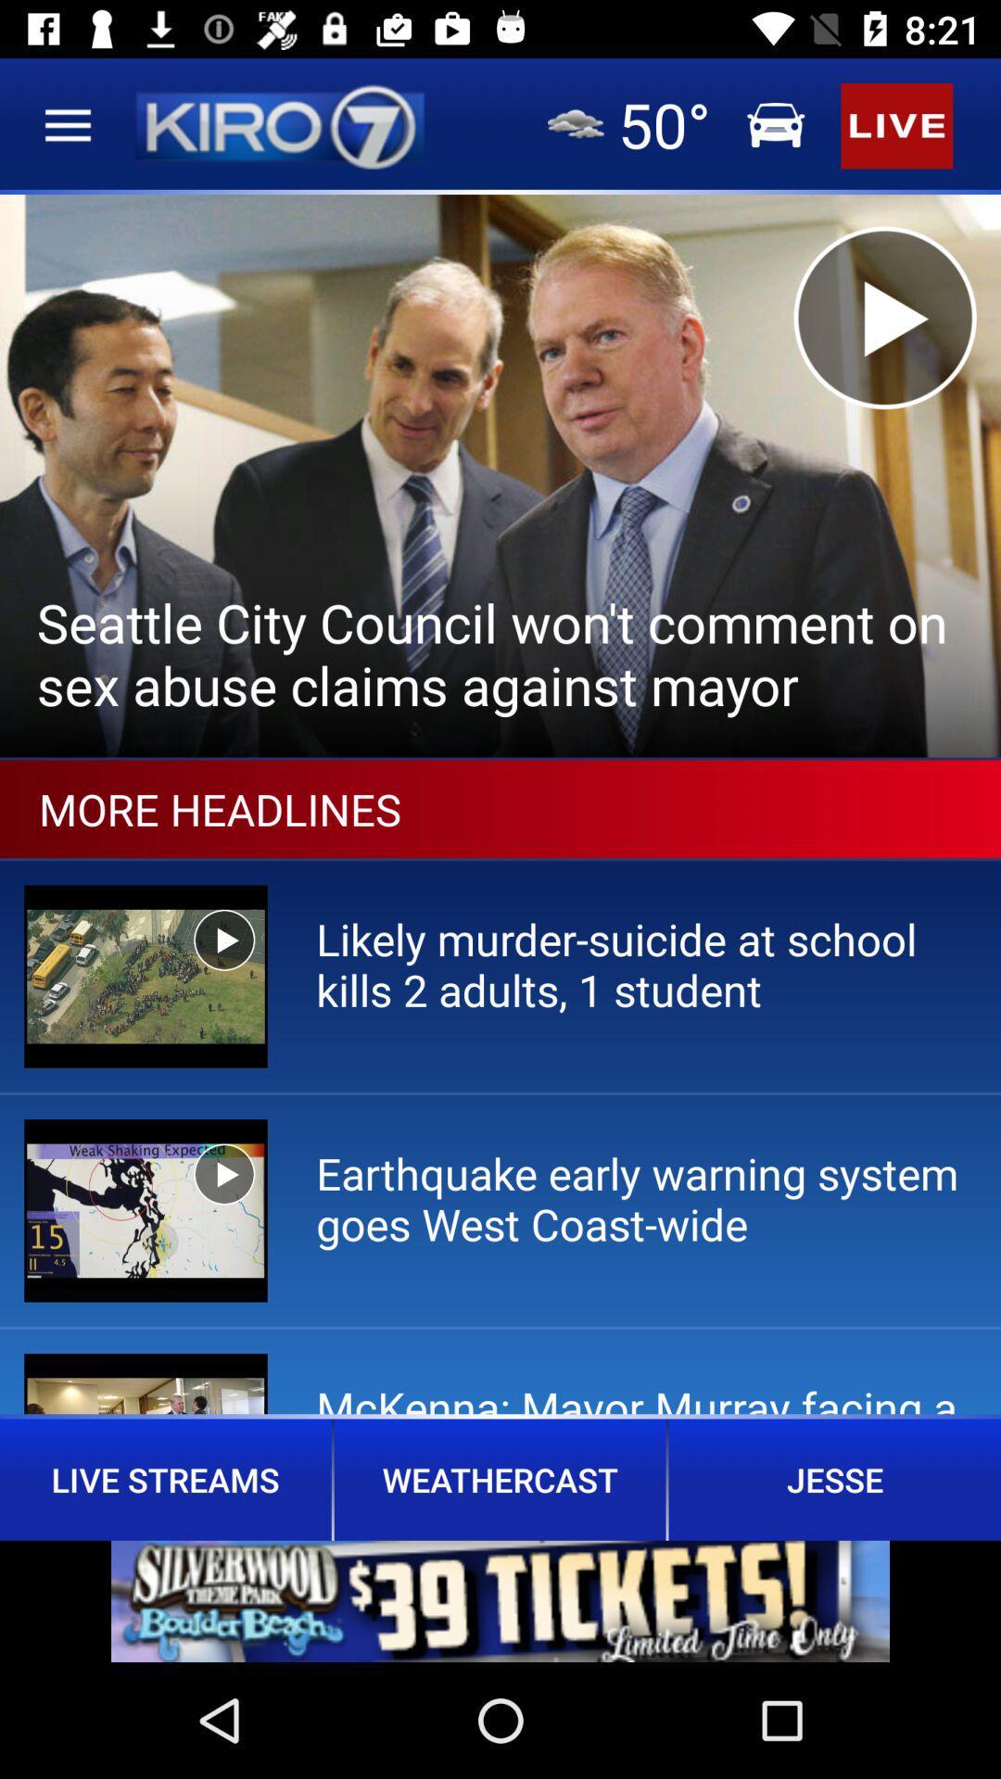 The image size is (1001, 1779). I want to click on the third image below the more headlines, so click(145, 1383).